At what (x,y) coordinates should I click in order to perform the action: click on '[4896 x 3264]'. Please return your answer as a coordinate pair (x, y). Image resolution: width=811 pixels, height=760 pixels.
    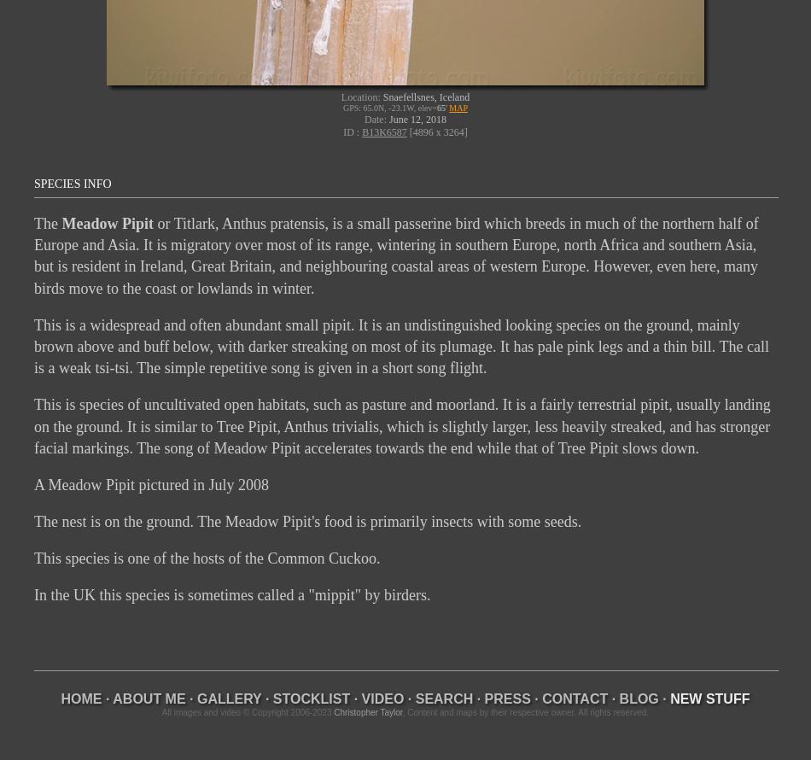
    Looking at the image, I should click on (406, 131).